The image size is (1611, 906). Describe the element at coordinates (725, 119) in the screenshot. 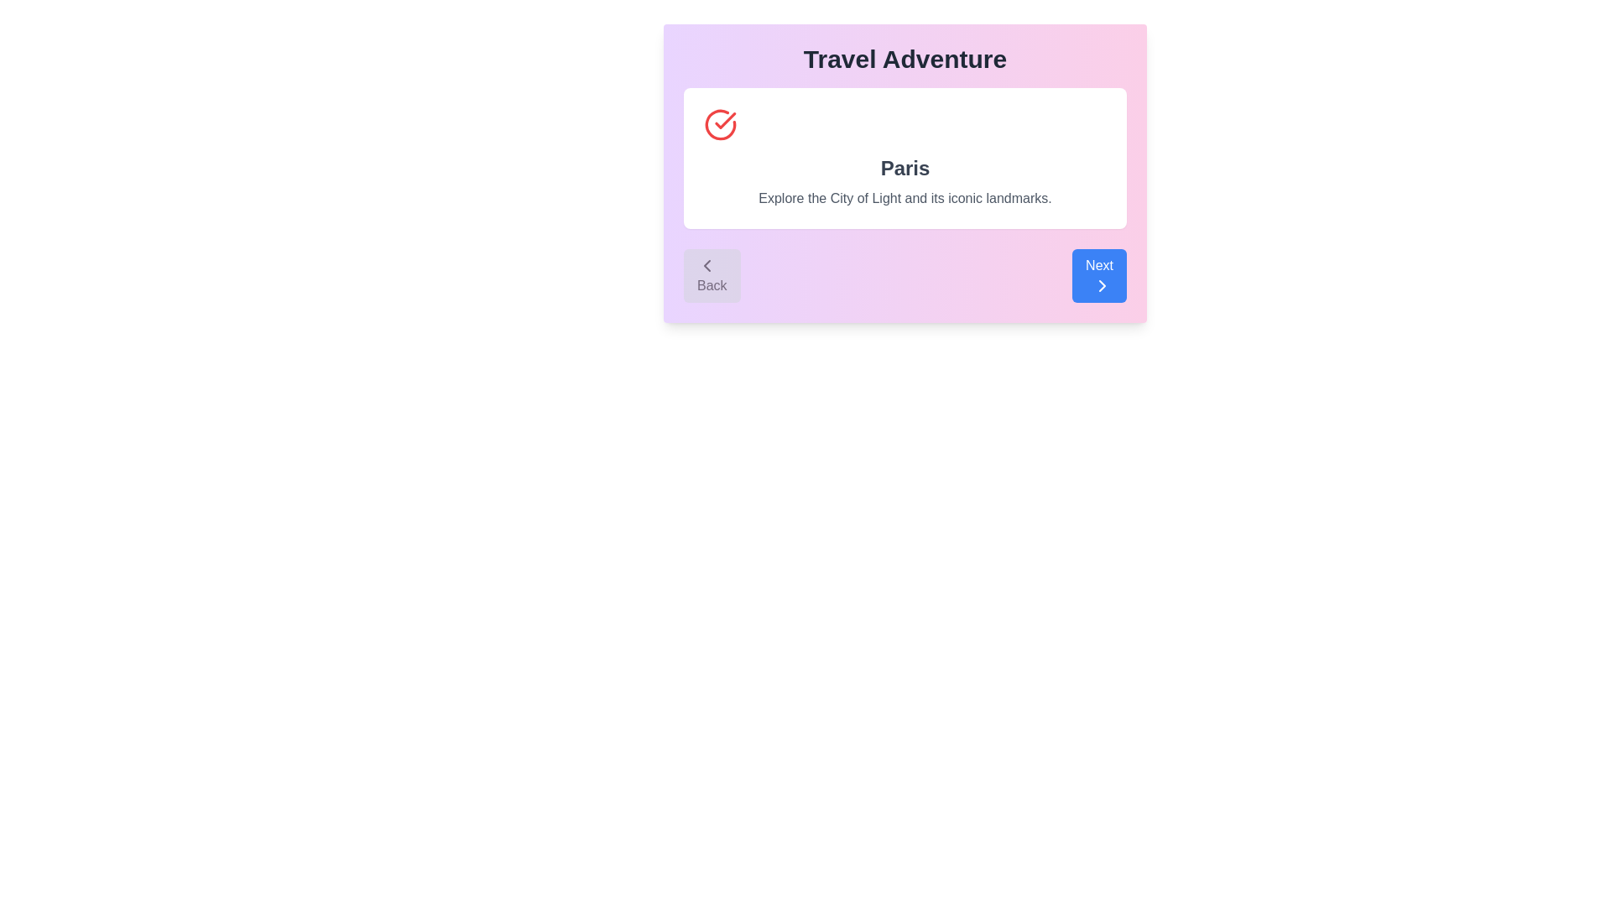

I see `the status icon with a checkmark inside a circular red border, located at the top-left side of a white rectangular area within the card interface` at that location.